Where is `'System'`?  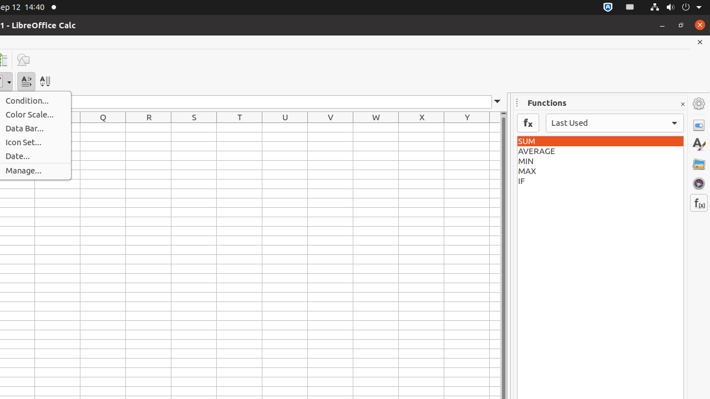 'System' is located at coordinates (675, 7).